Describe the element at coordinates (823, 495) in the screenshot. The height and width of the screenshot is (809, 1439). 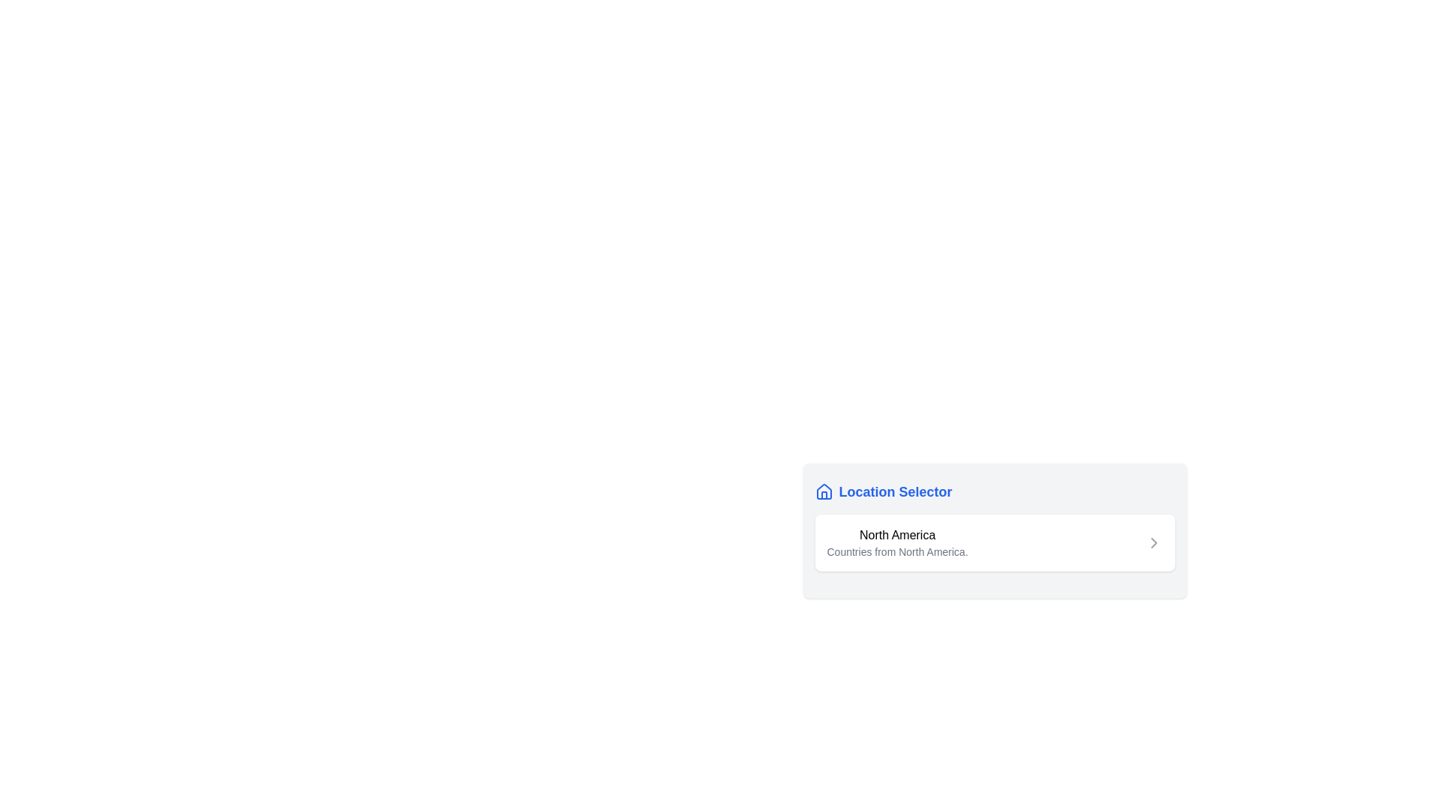
I see `the lower rectangular section of the house icon within the SVG graphic, which visually represents home or location-related features` at that location.